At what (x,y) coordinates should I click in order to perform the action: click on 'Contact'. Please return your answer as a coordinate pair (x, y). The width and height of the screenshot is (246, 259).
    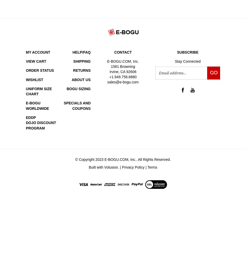
    Looking at the image, I should click on (122, 52).